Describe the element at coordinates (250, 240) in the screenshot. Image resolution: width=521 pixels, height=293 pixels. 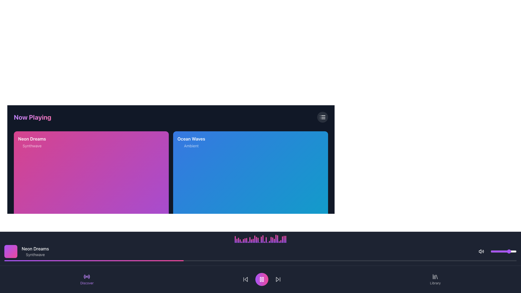
I see `the state of the tenth bar from the left in the horizontal bar chart, which represents a data point in the audio visualization` at that location.